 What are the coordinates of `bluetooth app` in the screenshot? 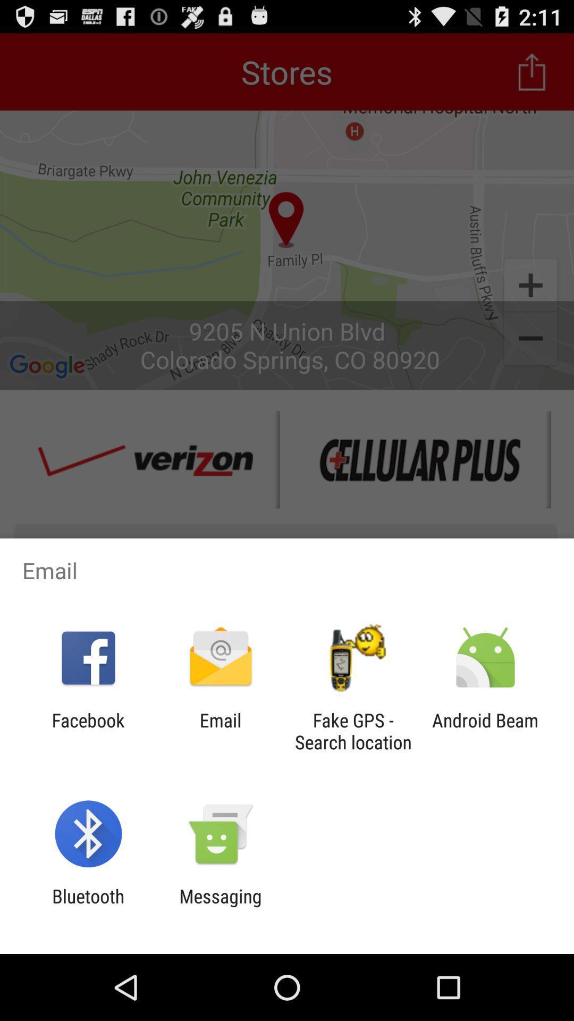 It's located at (88, 907).